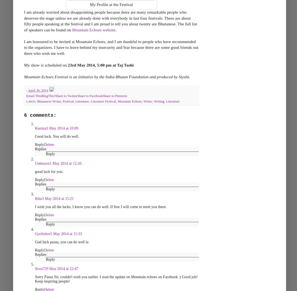 The height and width of the screenshot is (291, 297). I want to click on 'Share to Twitter', so click(66, 96).